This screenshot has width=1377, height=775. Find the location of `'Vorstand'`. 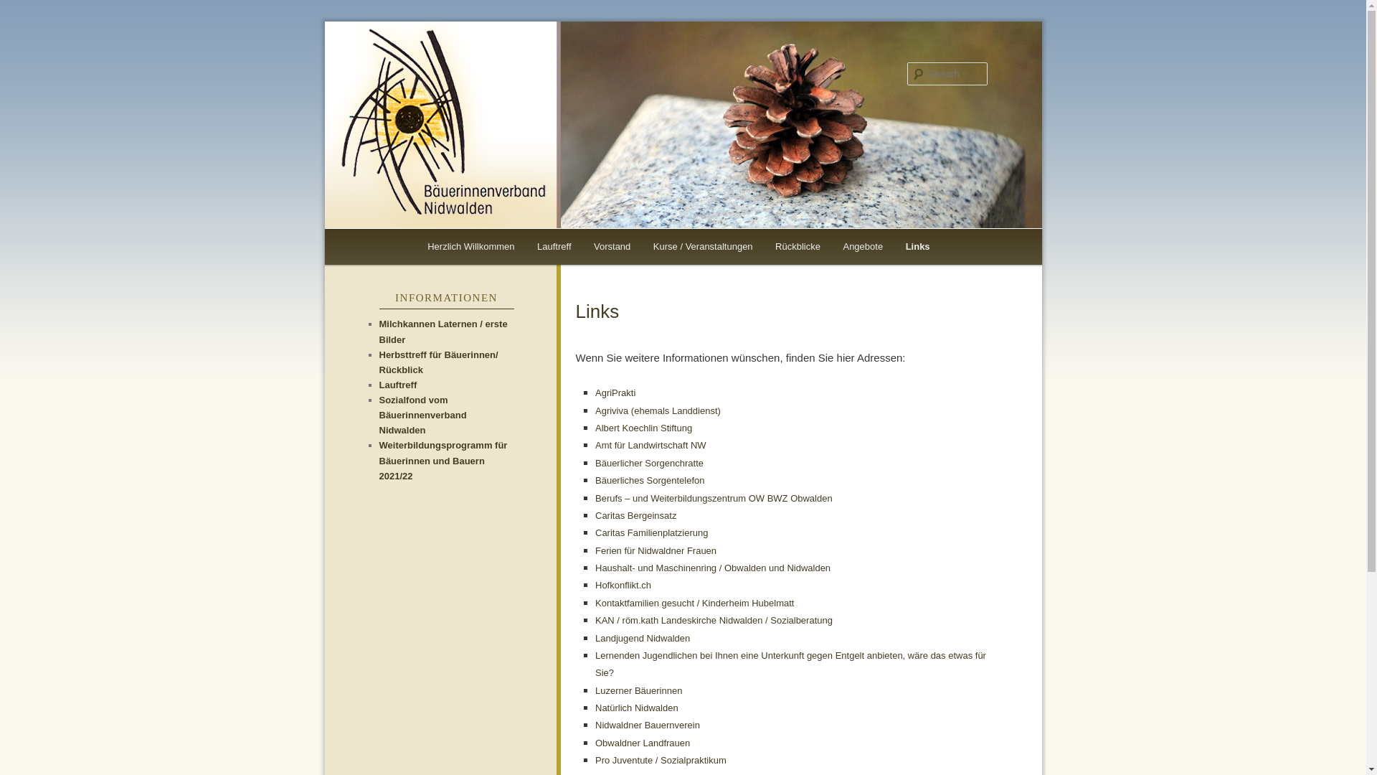

'Vorstand' is located at coordinates (612, 245).